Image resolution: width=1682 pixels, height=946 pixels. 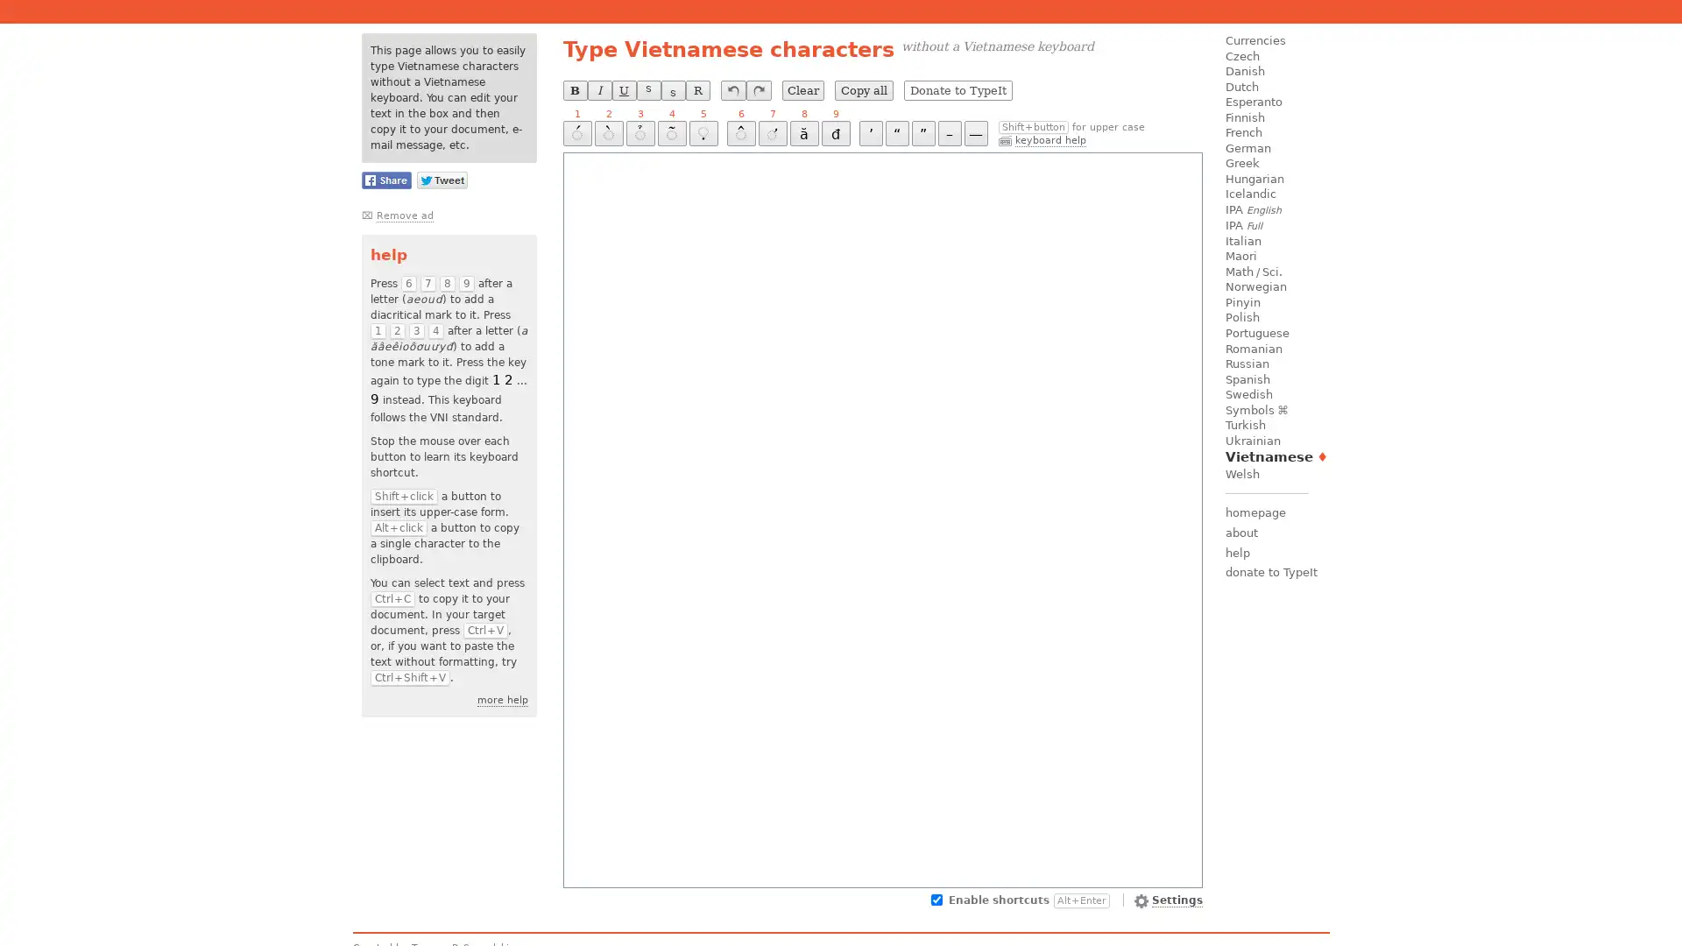 I want to click on I, so click(x=598, y=90).